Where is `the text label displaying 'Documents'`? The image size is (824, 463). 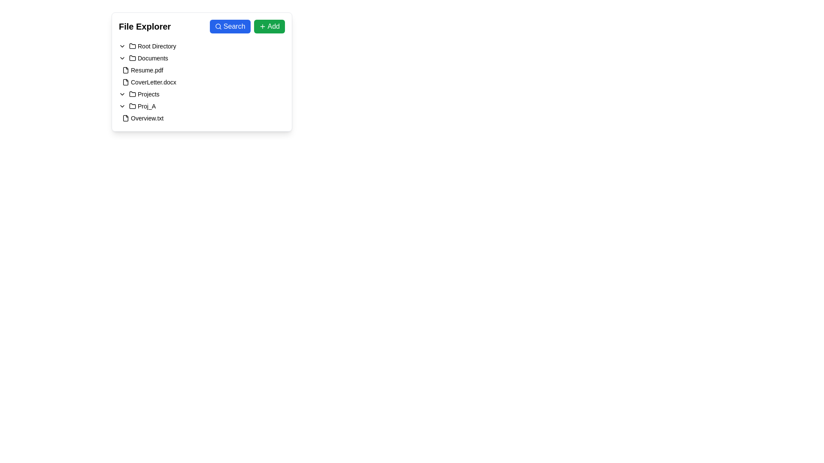
the text label displaying 'Documents' is located at coordinates (153, 58).